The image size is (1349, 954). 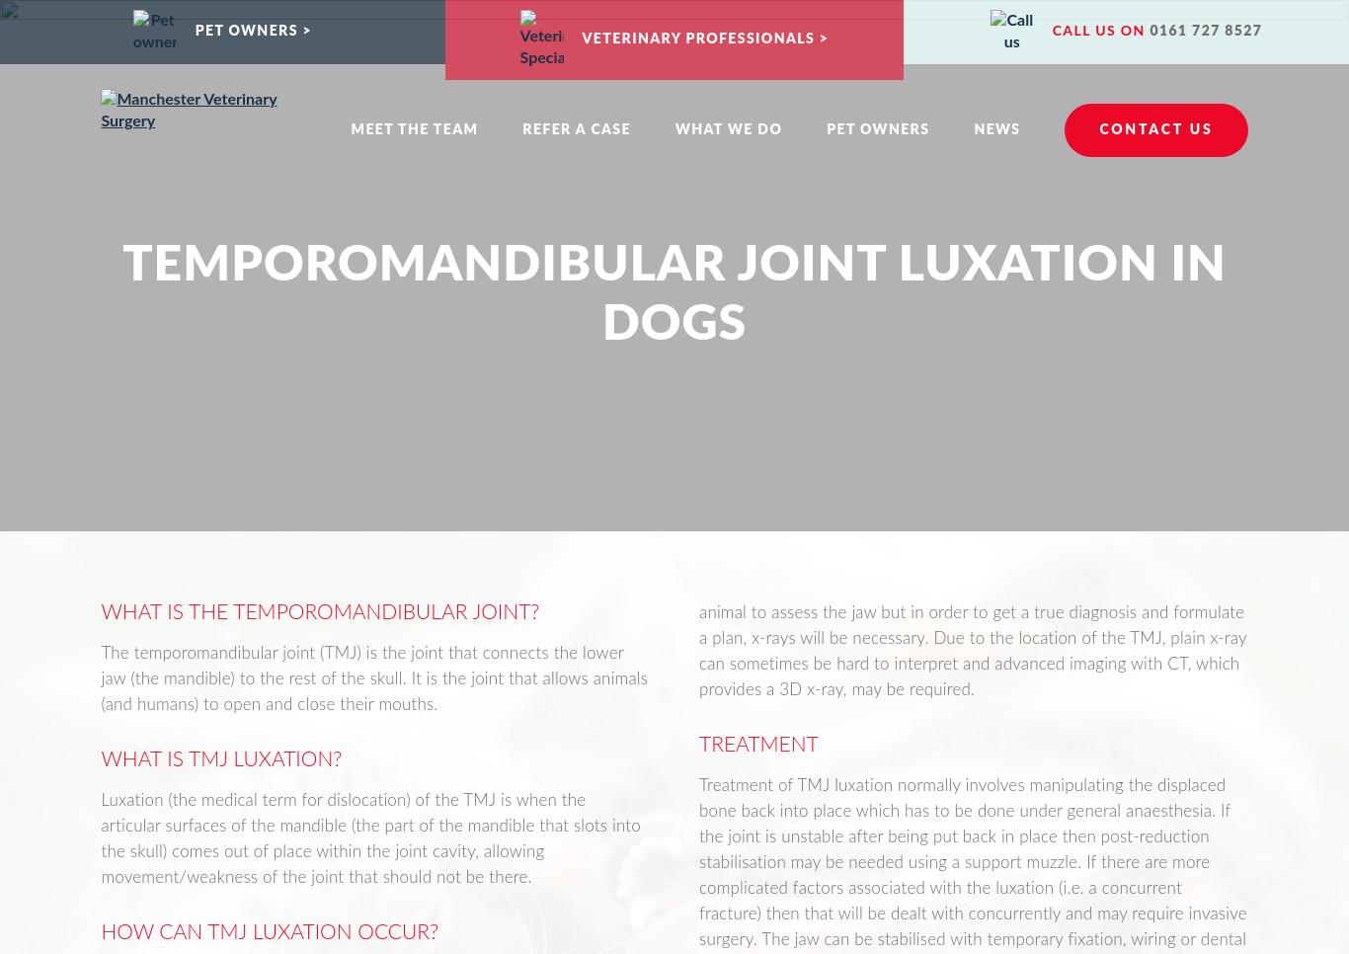 What do you see at coordinates (1155, 129) in the screenshot?
I see `'Contact us'` at bounding box center [1155, 129].